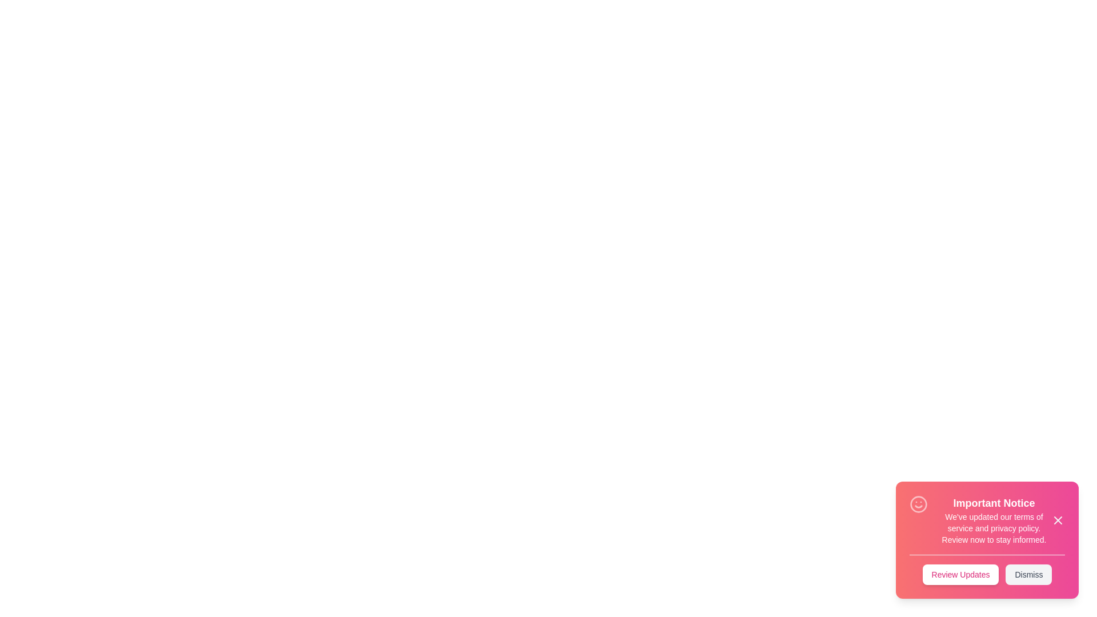 The width and height of the screenshot is (1097, 617). I want to click on the 'Dismiss' button to close the snackbar, so click(1028, 575).